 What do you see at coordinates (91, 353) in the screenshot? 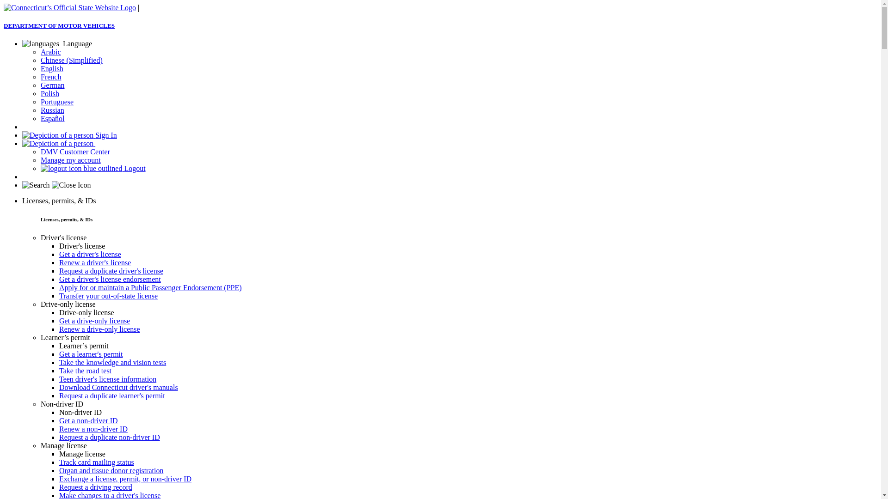
I see `'Get a learner's permit'` at bounding box center [91, 353].